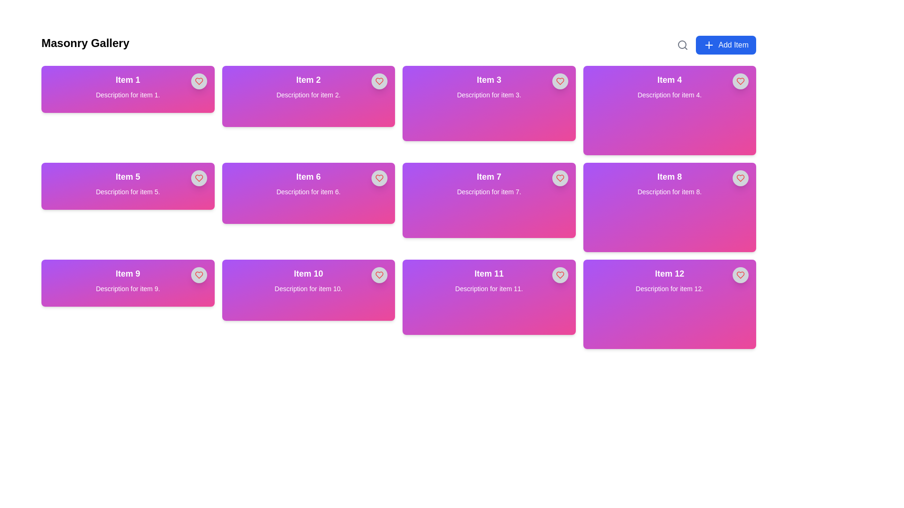 This screenshot has width=904, height=508. I want to click on the button located at the top-right corner of the card for 'Item 2', so click(379, 81).